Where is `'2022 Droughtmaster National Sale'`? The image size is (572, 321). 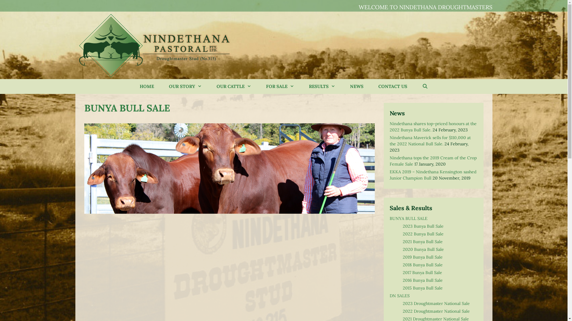
'2022 Droughtmaster National Sale' is located at coordinates (436, 311).